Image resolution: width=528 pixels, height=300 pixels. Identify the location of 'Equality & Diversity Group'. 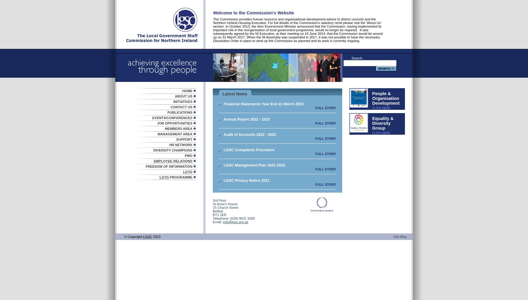
(382, 123).